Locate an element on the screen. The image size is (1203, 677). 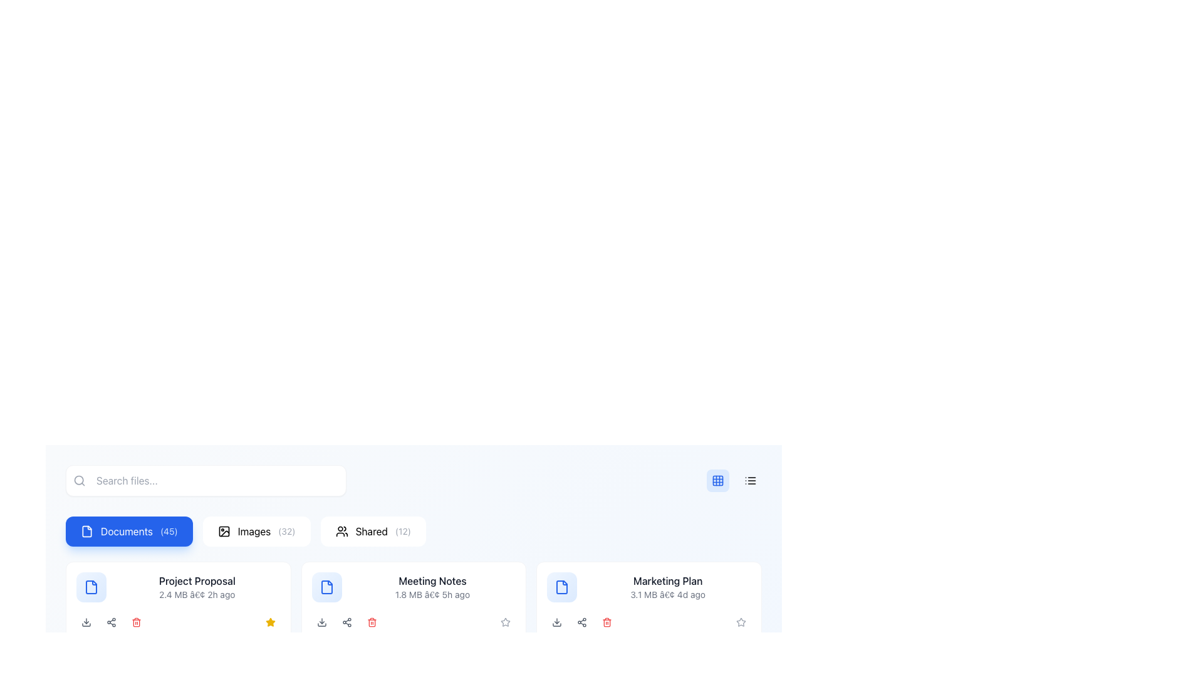
the yellow star-shaped icon button located in the 'Documents' section below the title 'Project Proposal' is located at coordinates (269, 622).